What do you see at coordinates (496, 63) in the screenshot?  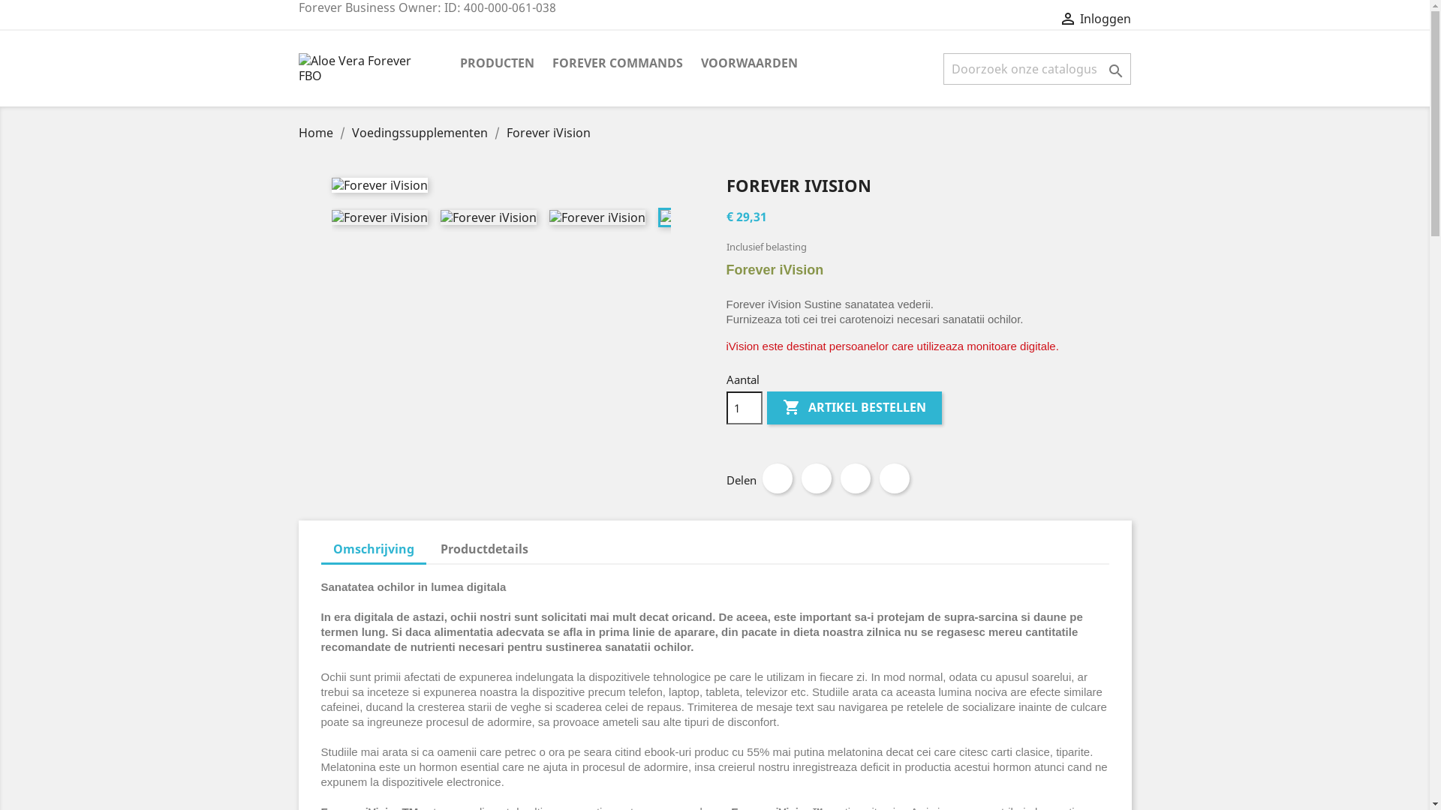 I see `'PRODUCTEN'` at bounding box center [496, 63].